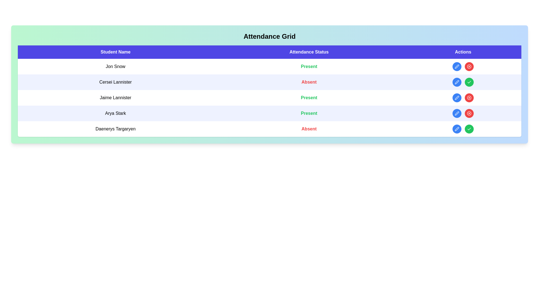 The image size is (535, 301). I want to click on edit button for the student identified by Jon Snow, so click(457, 66).